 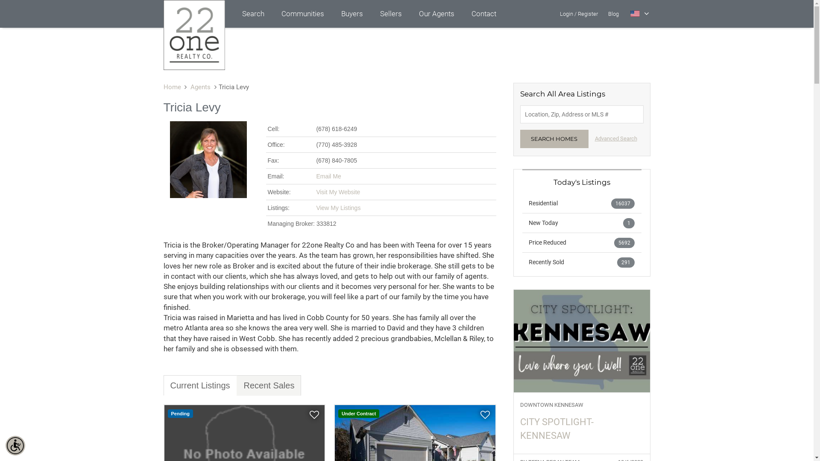 I want to click on 'Sellers', so click(x=390, y=14).